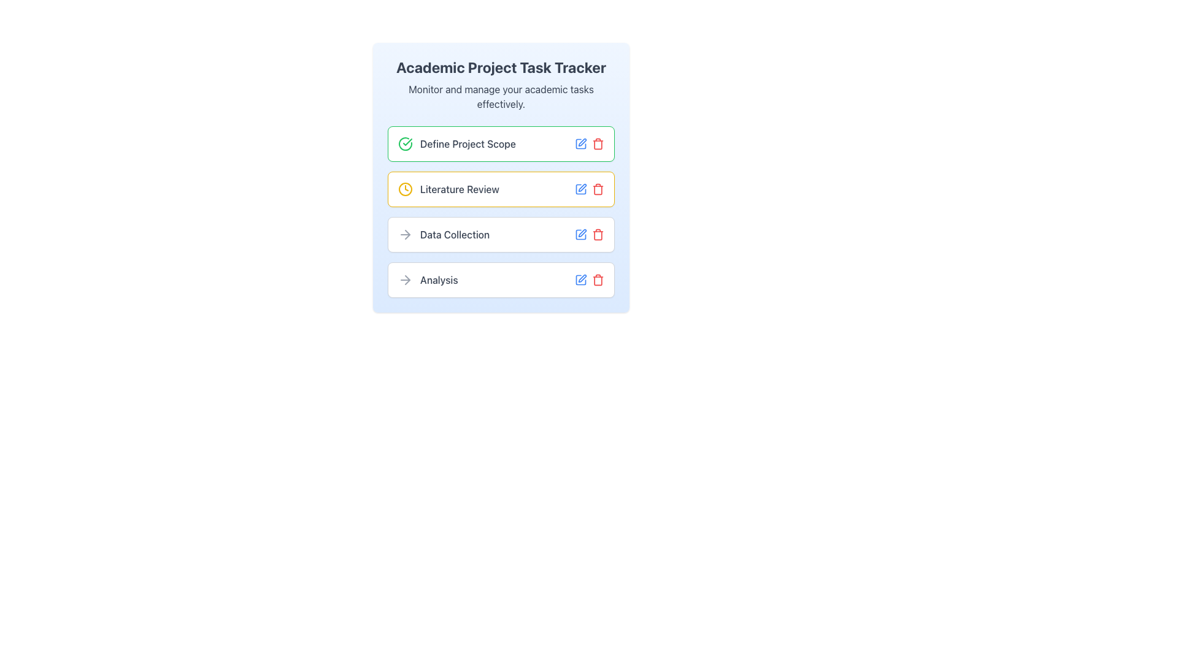 This screenshot has height=662, width=1178. I want to click on the 'Data Collection' text label with a rightward arrow icon, so click(443, 234).